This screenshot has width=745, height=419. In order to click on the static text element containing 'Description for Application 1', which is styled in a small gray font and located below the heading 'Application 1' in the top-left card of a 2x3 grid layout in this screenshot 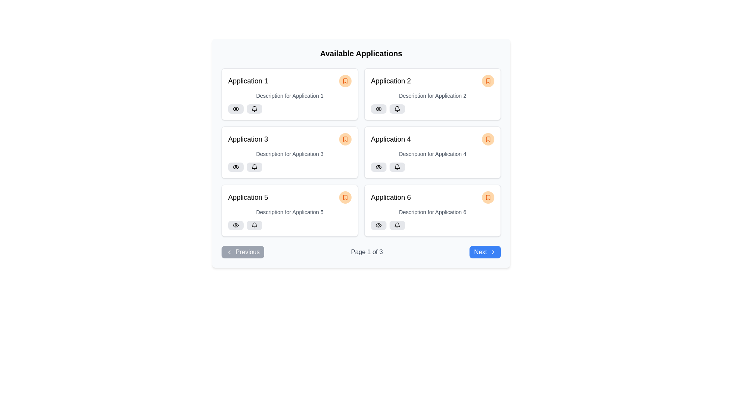, I will do `click(289, 95)`.